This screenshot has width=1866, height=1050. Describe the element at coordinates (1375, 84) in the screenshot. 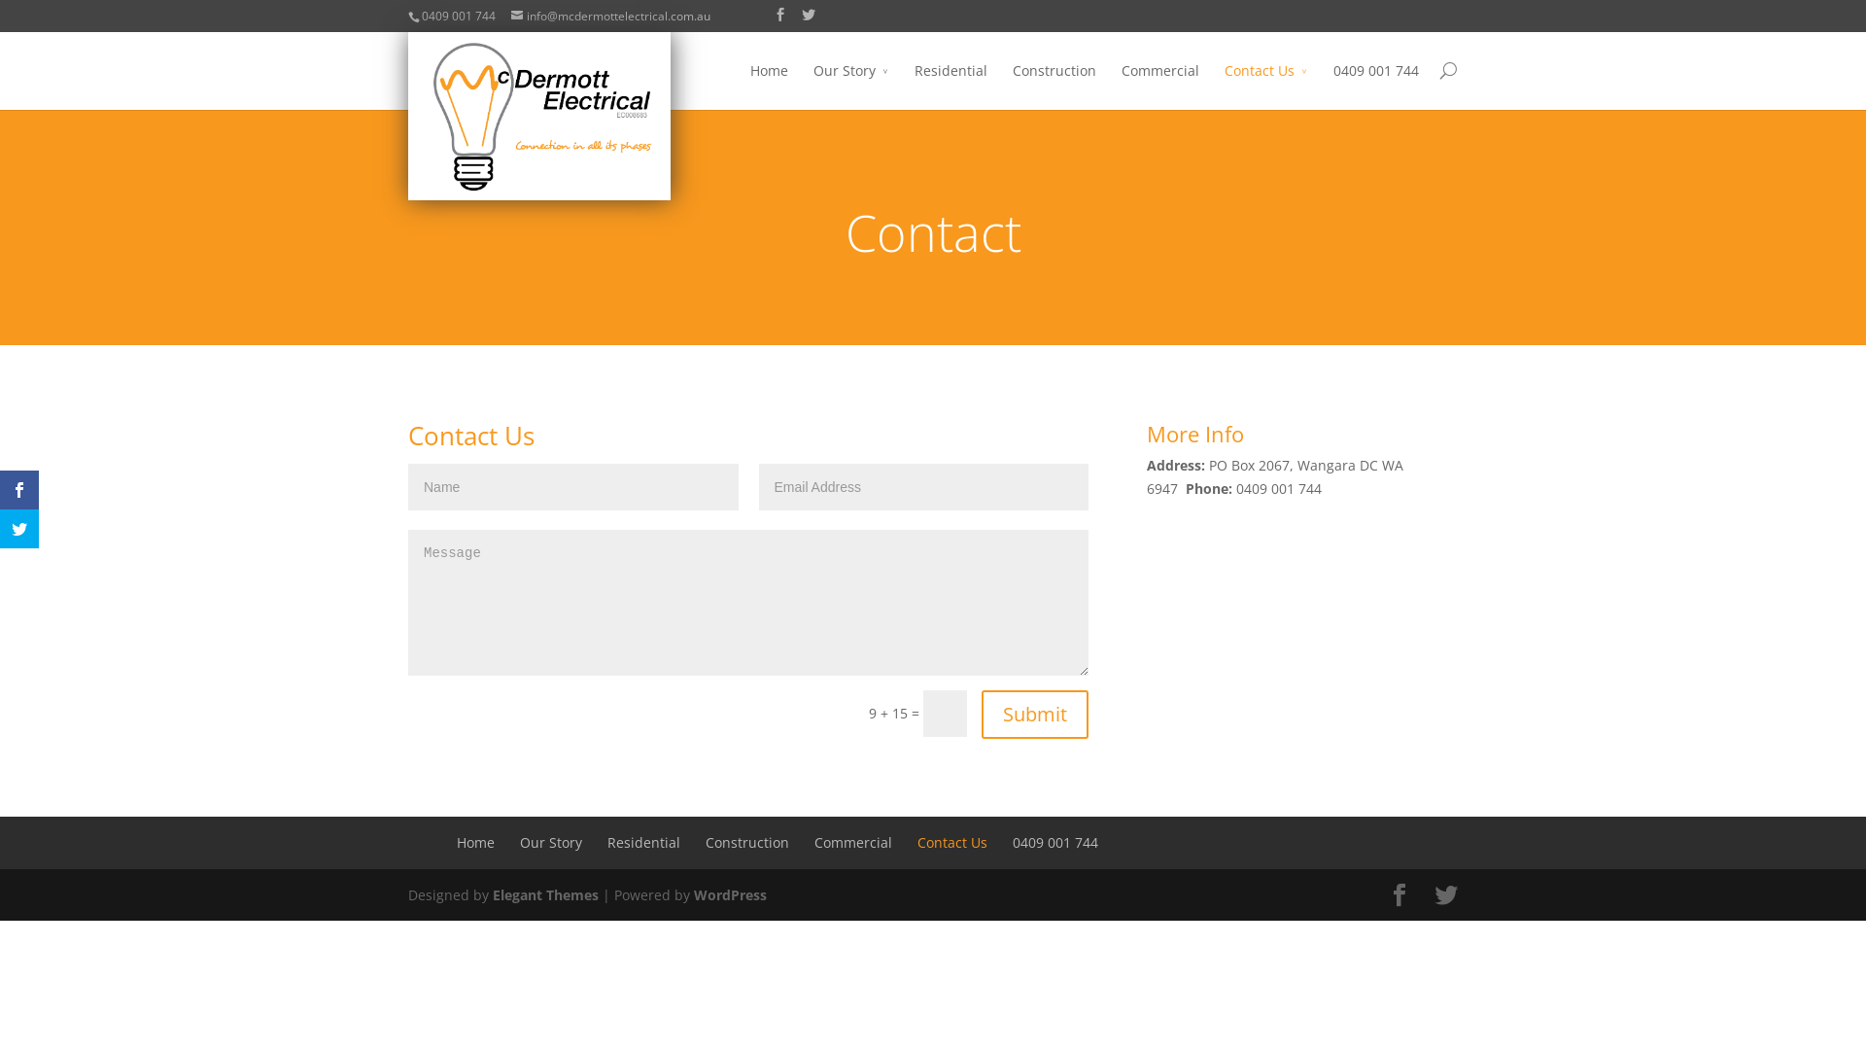

I see `'0409 001 744'` at that location.